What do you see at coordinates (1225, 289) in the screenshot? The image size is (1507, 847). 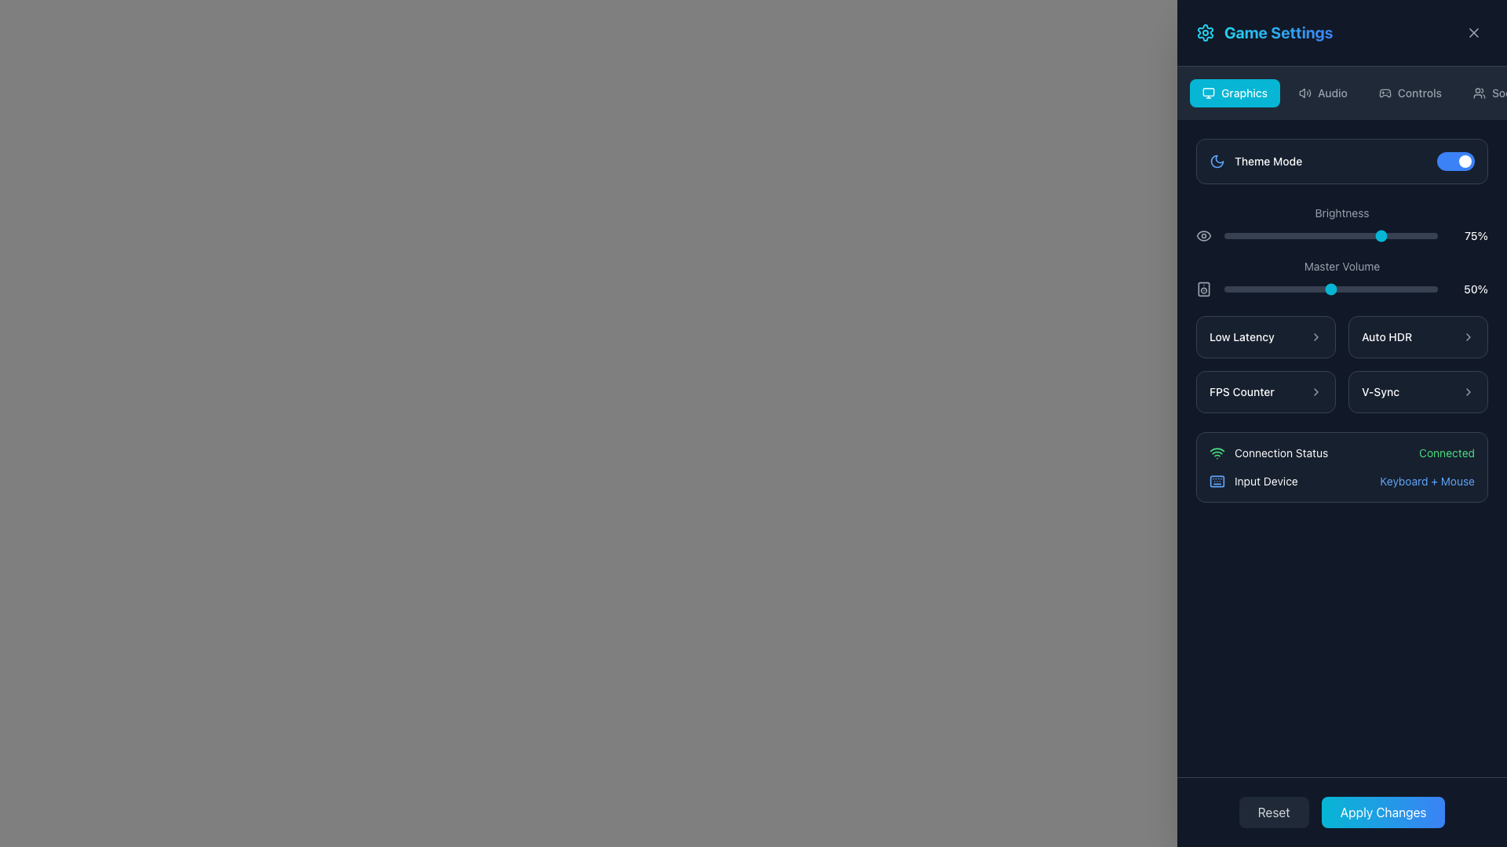 I see `the Master Volume` at bounding box center [1225, 289].